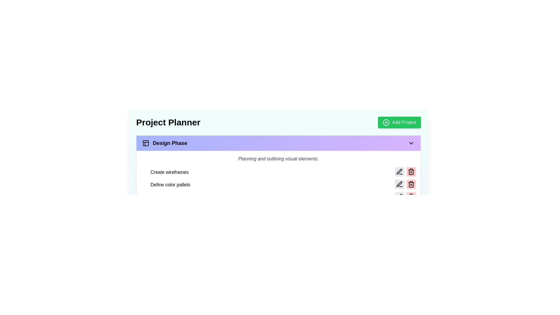 Image resolution: width=560 pixels, height=315 pixels. What do you see at coordinates (411, 197) in the screenshot?
I see `the trash icon located at the bottom-right corner of the actions column in the 'Design Phase' section` at bounding box center [411, 197].